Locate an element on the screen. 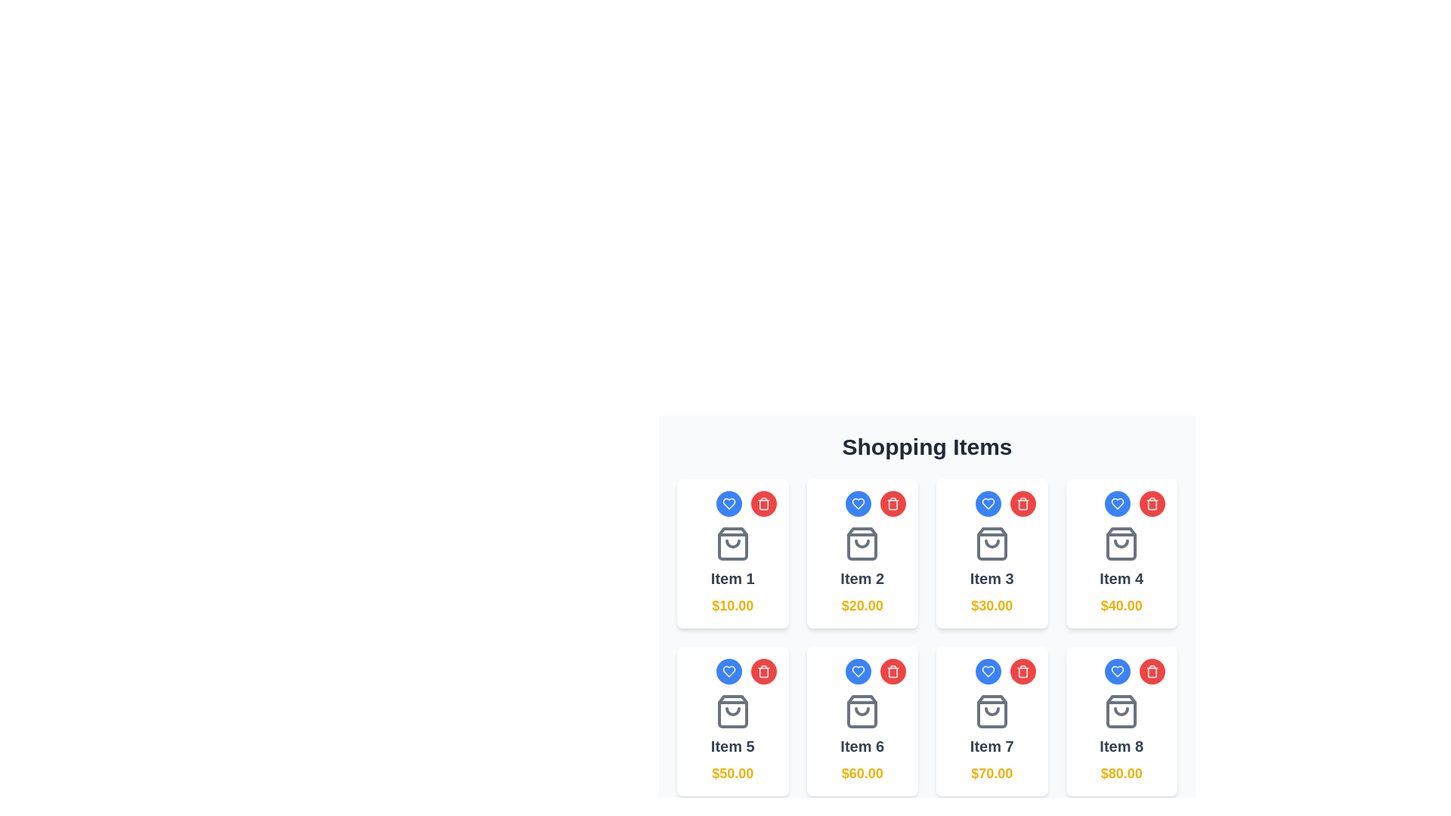 Image resolution: width=1451 pixels, height=816 pixels. the circular blue button with a white heart icon to mark the item as favorite is located at coordinates (988, 504).